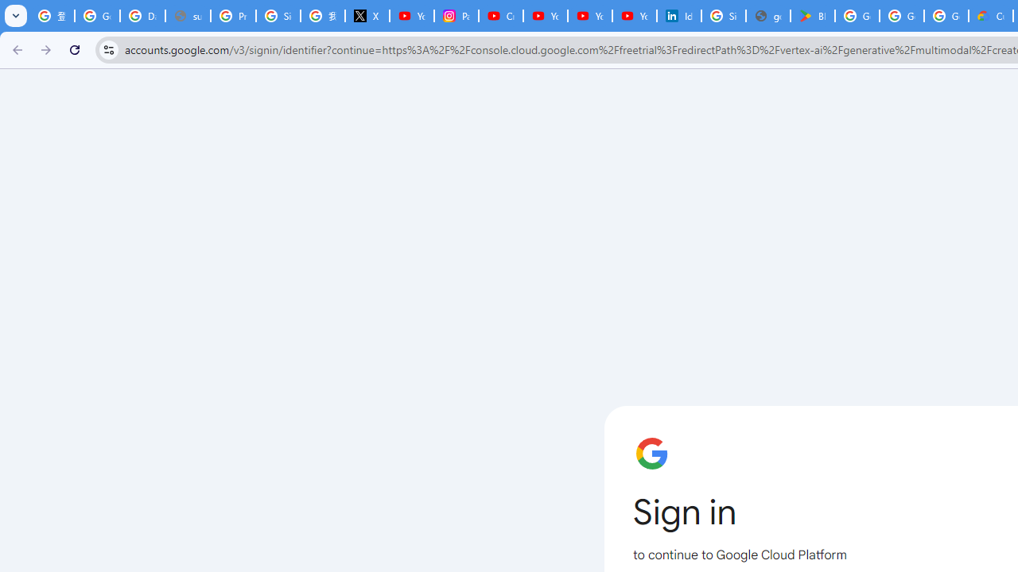 The height and width of the screenshot is (572, 1018). Describe the element at coordinates (902, 16) in the screenshot. I see `'Google Workspace - Specific Terms'` at that location.